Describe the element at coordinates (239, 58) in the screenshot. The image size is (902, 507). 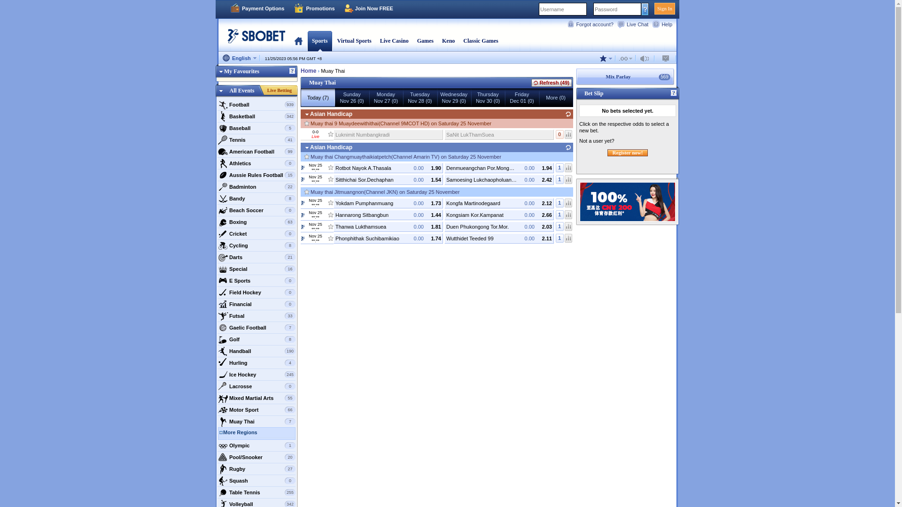
I see `'English'` at that location.